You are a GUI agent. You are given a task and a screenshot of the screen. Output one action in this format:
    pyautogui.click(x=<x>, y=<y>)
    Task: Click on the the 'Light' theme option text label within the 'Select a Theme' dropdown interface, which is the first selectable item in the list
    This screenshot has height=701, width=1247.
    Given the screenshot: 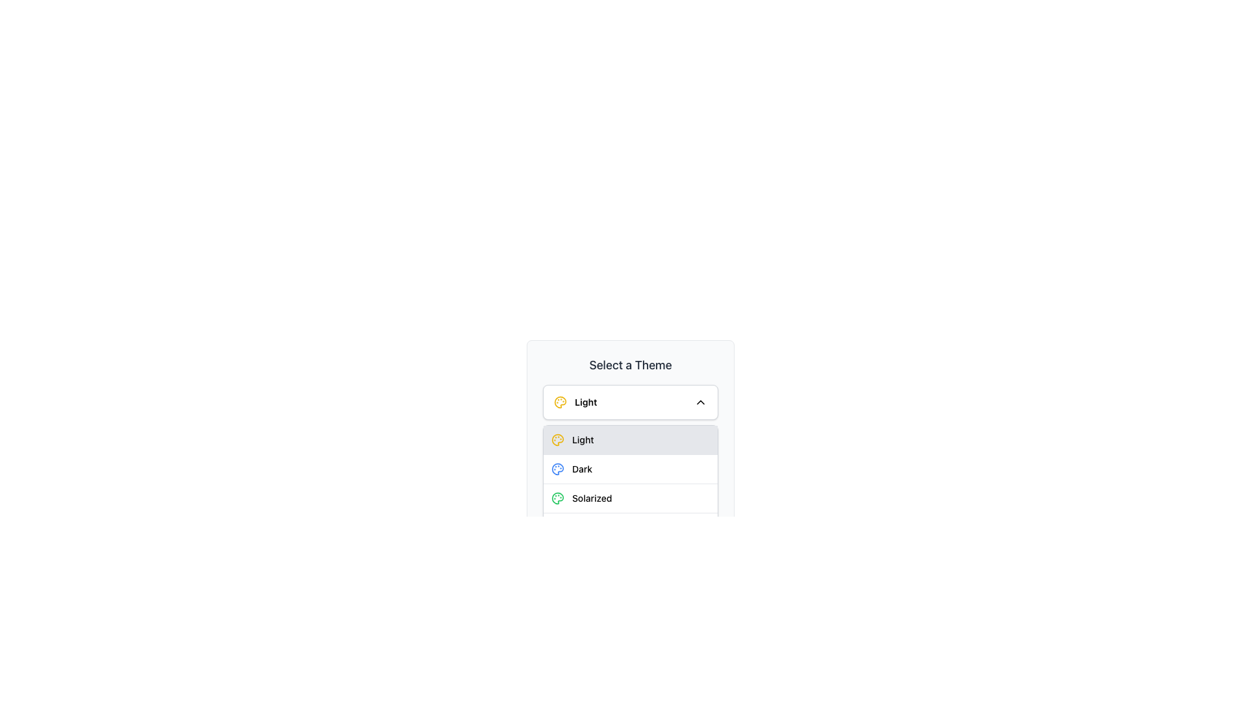 What is the action you would take?
    pyautogui.click(x=585, y=402)
    